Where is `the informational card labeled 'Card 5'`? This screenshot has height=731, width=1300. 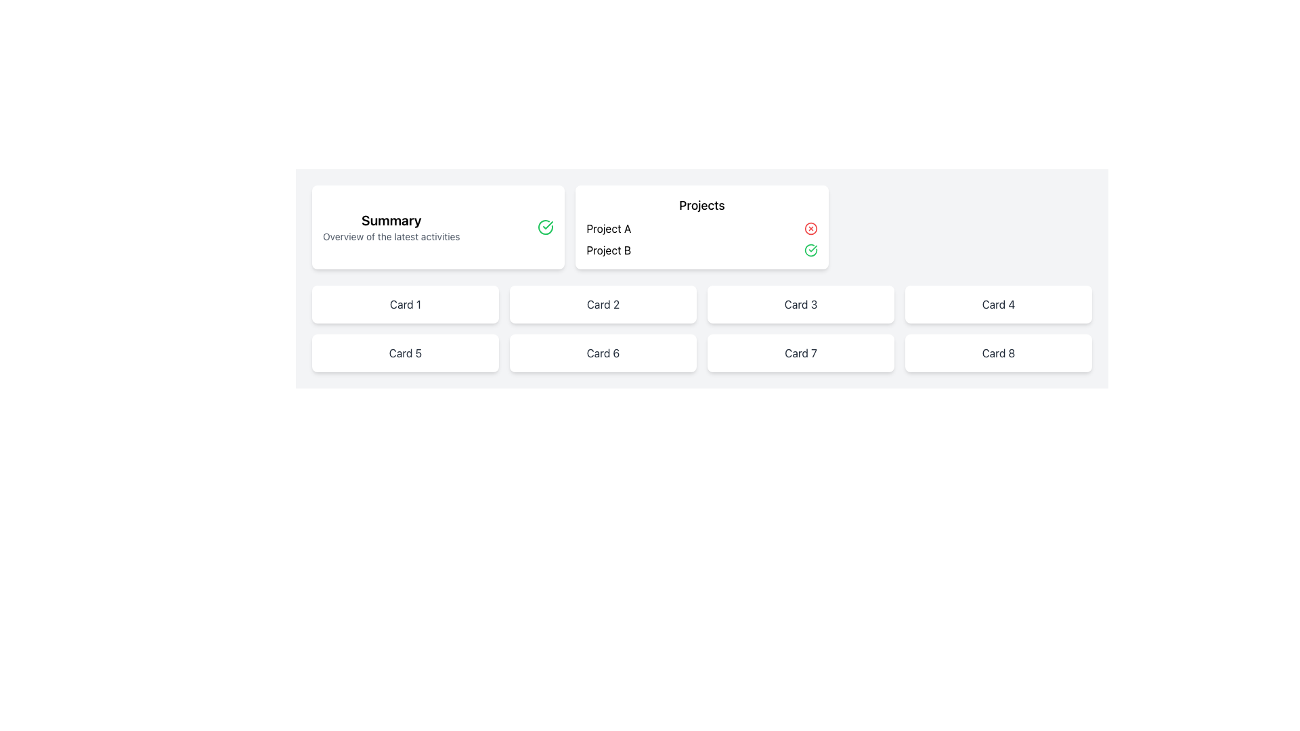
the informational card labeled 'Card 5' is located at coordinates (405, 352).